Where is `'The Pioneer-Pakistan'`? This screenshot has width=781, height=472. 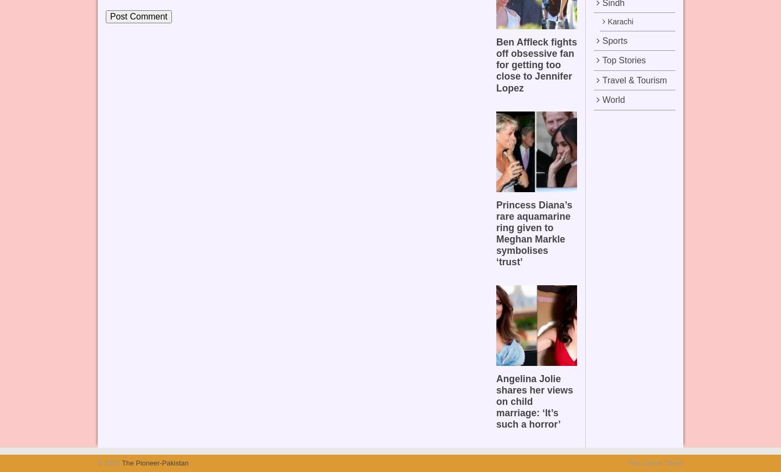 'The Pioneer-Pakistan' is located at coordinates (153, 463).